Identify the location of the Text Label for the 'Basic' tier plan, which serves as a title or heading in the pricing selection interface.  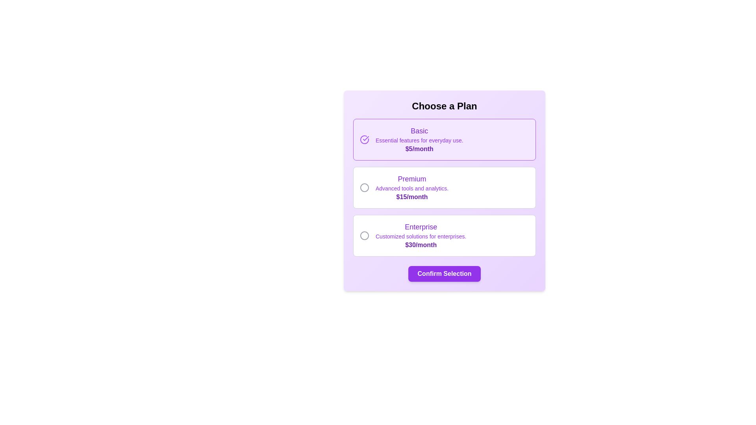
(419, 130).